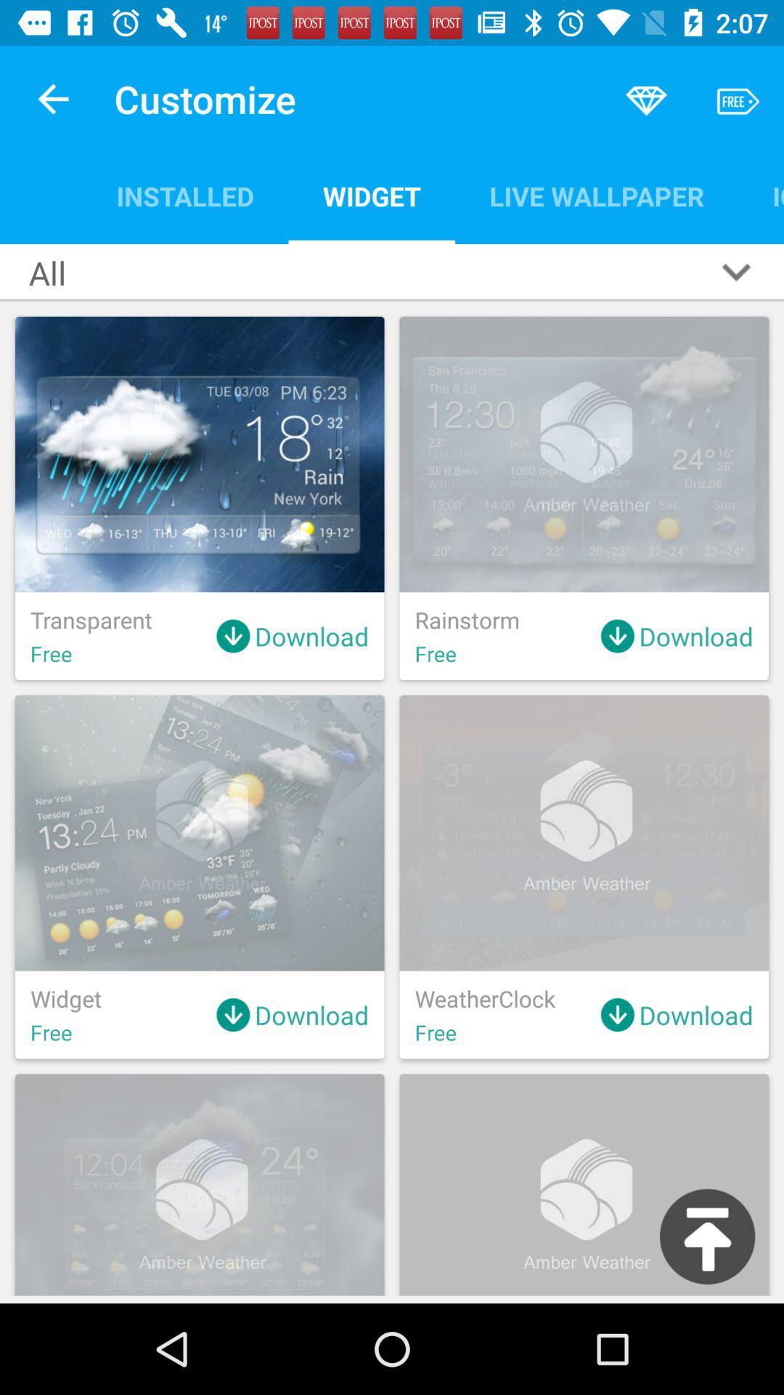 Image resolution: width=784 pixels, height=1395 pixels. Describe the element at coordinates (706, 1236) in the screenshot. I see `the icon below download icon` at that location.